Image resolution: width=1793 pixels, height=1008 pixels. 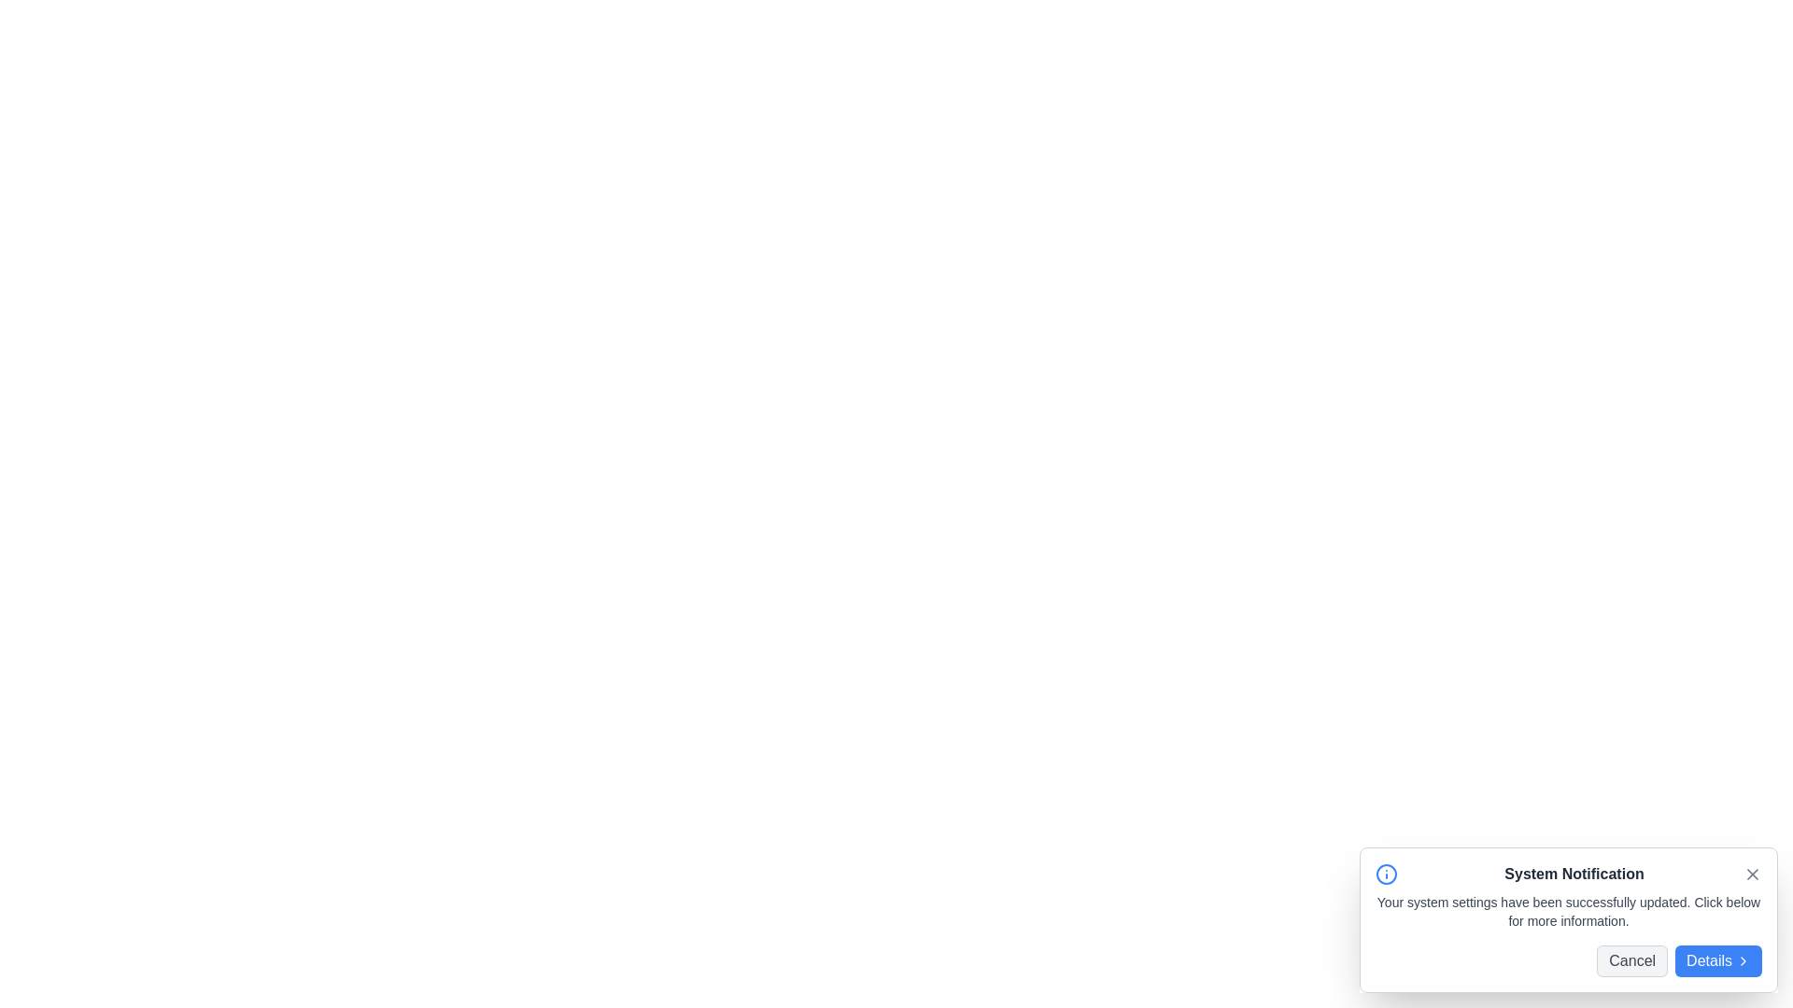 What do you see at coordinates (1751, 875) in the screenshot?
I see `the icon button located at the rightmost position in the notification modal to change its appearance` at bounding box center [1751, 875].